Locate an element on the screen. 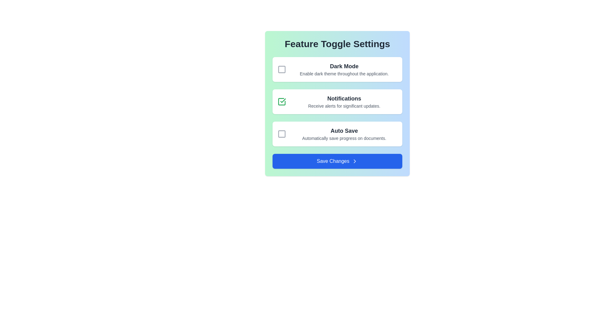 The height and width of the screenshot is (335, 596). accessibility information of the activated notifications icon located in the second row of the settings list is located at coordinates (283, 100).